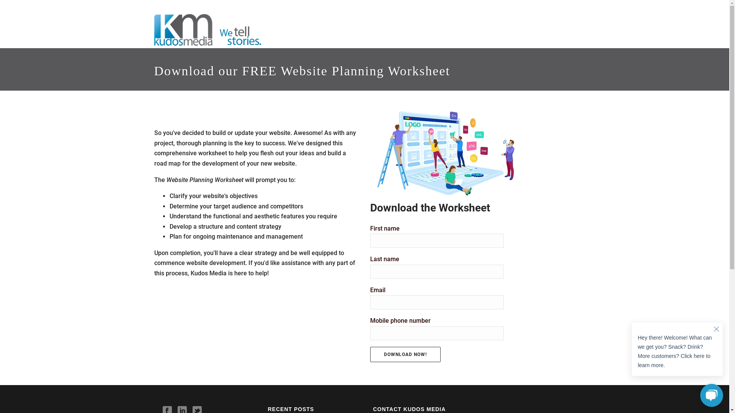  Describe the element at coordinates (405, 354) in the screenshot. I see `'Download Now!'` at that location.